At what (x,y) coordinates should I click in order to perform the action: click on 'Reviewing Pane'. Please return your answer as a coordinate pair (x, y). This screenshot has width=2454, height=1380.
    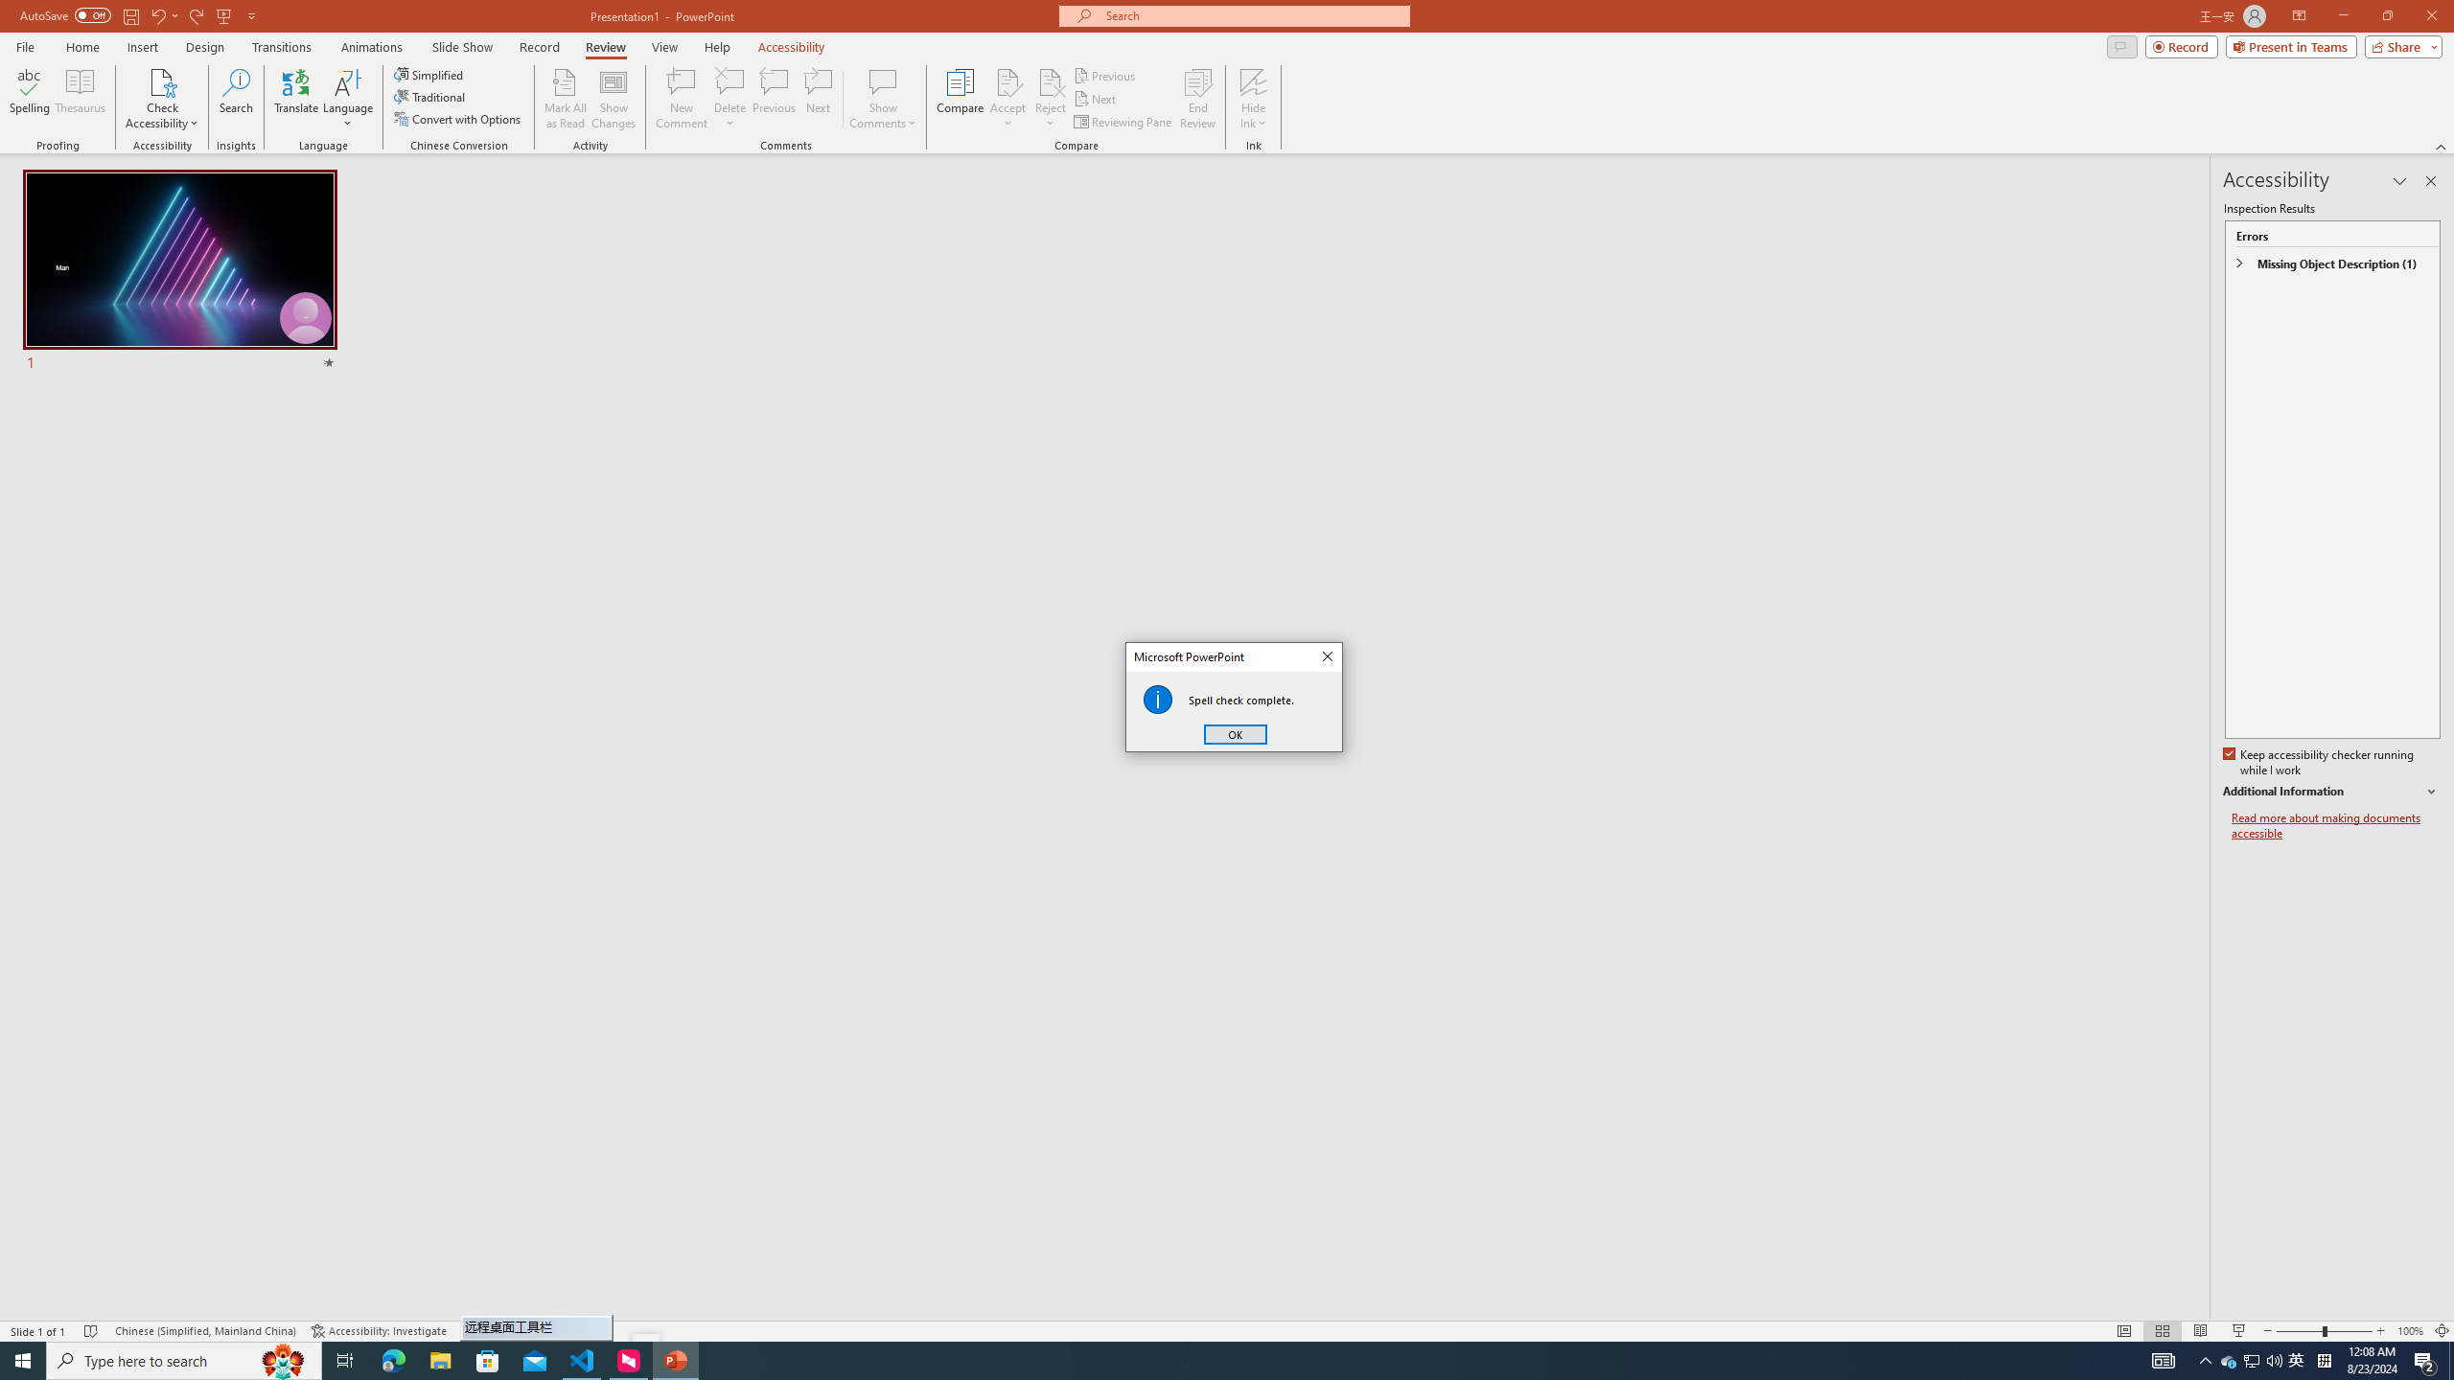
    Looking at the image, I should click on (1123, 122).